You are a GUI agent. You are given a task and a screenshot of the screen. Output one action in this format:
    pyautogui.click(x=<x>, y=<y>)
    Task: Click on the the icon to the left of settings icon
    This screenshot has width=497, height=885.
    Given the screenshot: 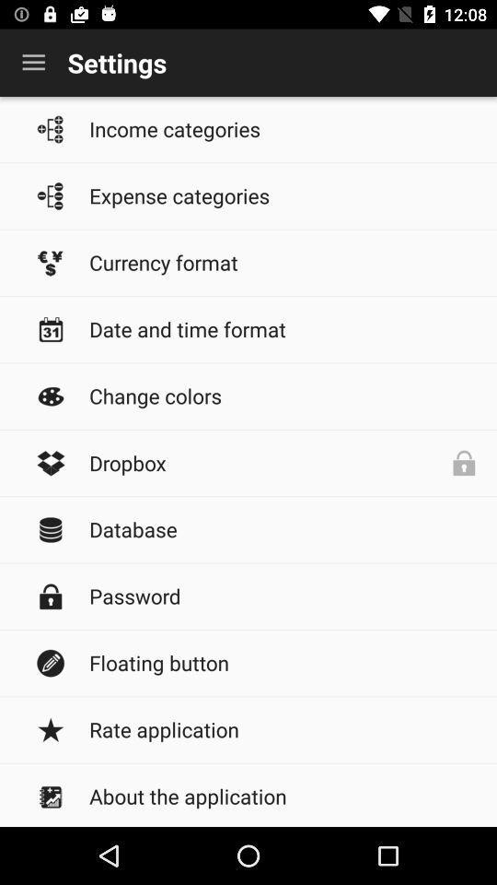 What is the action you would take?
    pyautogui.click(x=33, y=63)
    